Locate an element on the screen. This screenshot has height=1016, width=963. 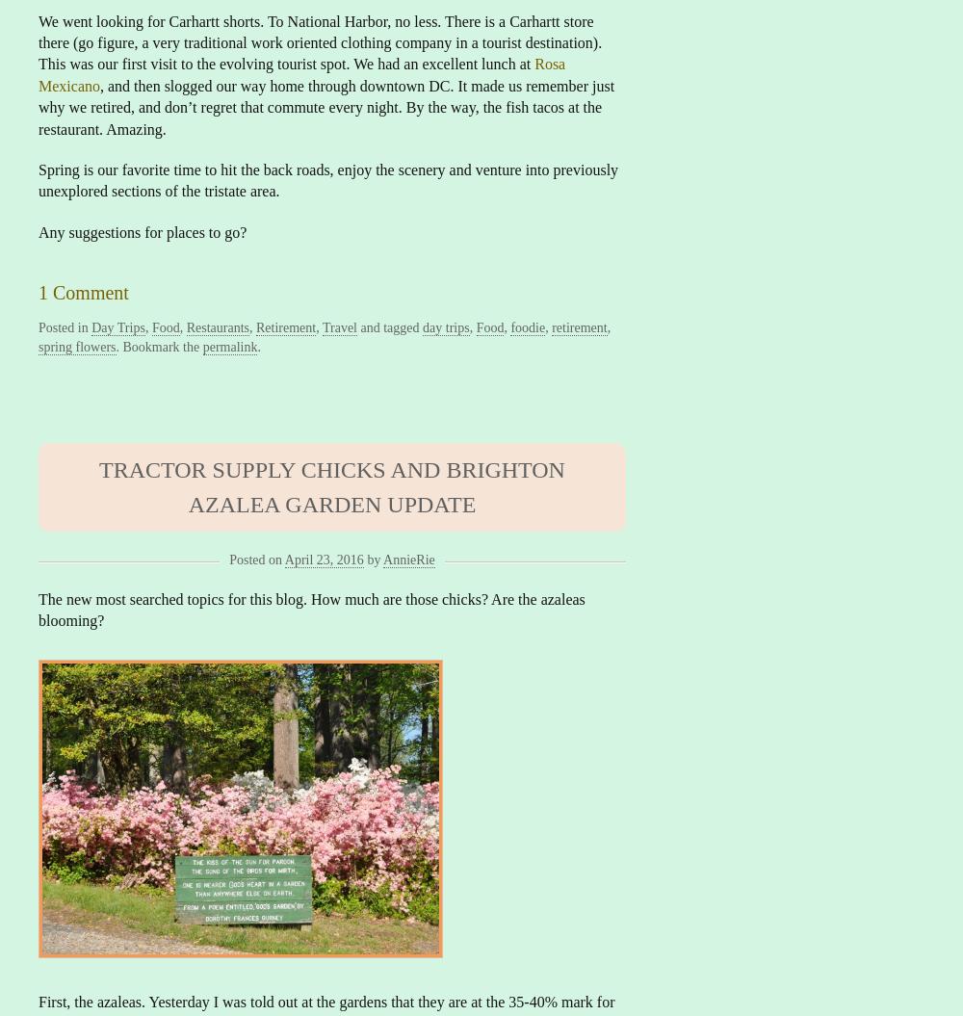
'retirement' is located at coordinates (578, 326).